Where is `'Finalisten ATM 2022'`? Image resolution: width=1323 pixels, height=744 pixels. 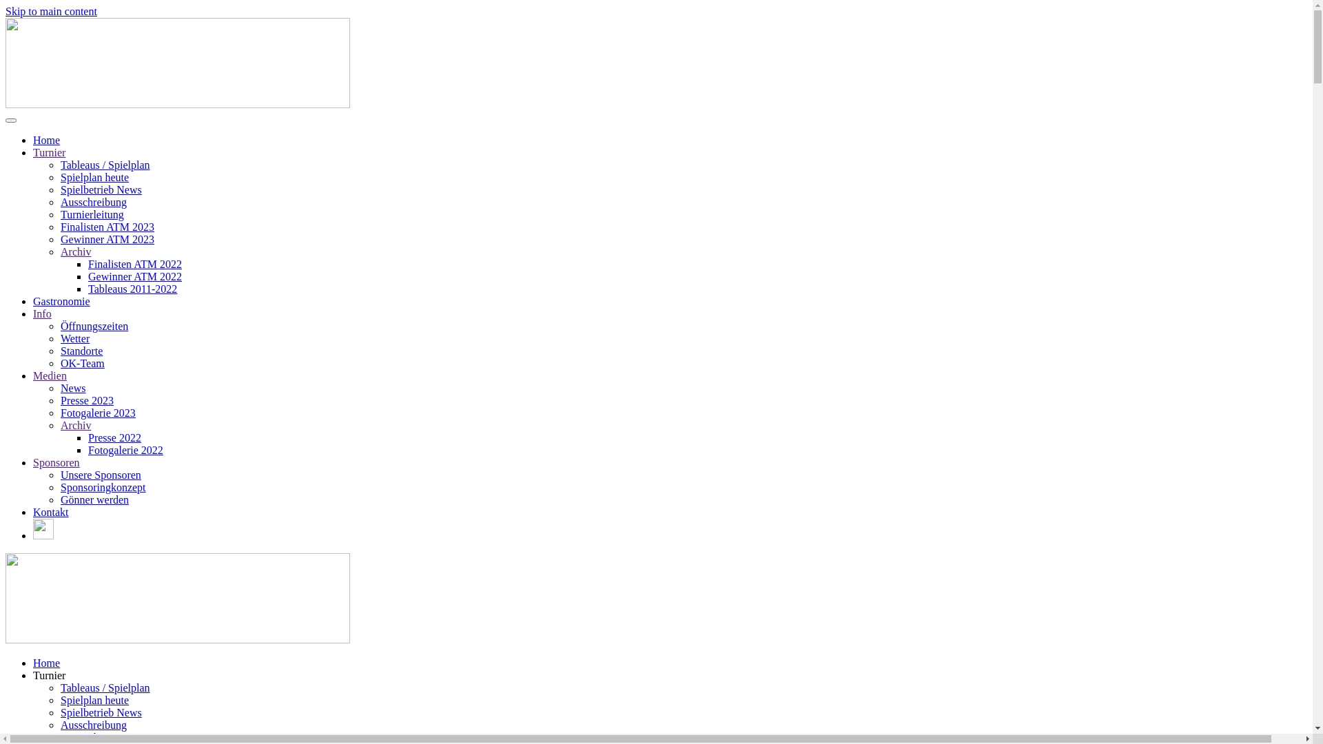
'Finalisten ATM 2022' is located at coordinates (135, 264).